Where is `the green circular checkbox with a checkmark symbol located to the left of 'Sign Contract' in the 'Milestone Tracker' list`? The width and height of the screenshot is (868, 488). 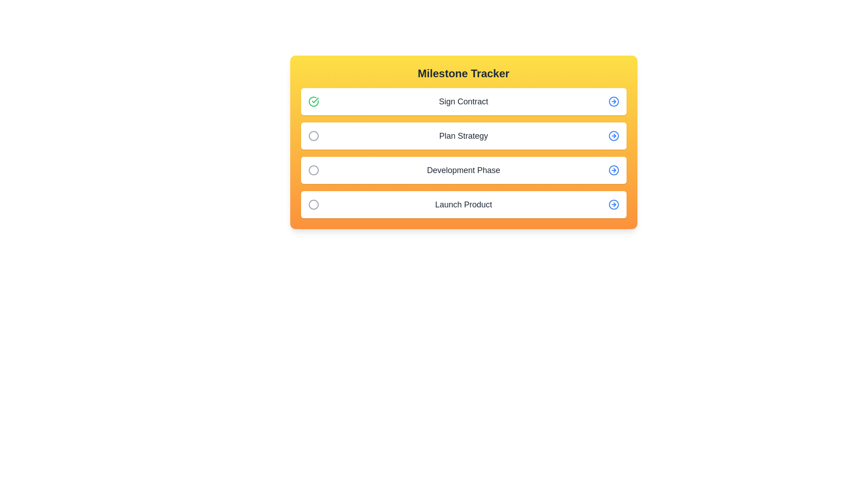
the green circular checkbox with a checkmark symbol located to the left of 'Sign Contract' in the 'Milestone Tracker' list is located at coordinates (313, 101).